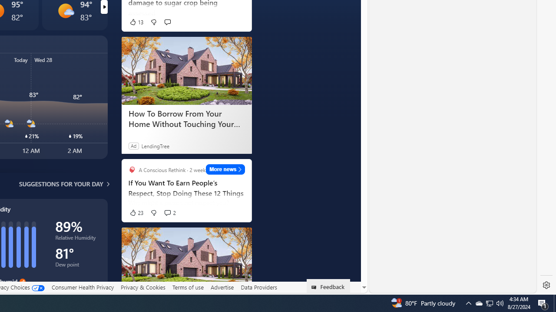 The image size is (556, 312). What do you see at coordinates (77, 239) in the screenshot?
I see `'Relative Humidity'` at bounding box center [77, 239].